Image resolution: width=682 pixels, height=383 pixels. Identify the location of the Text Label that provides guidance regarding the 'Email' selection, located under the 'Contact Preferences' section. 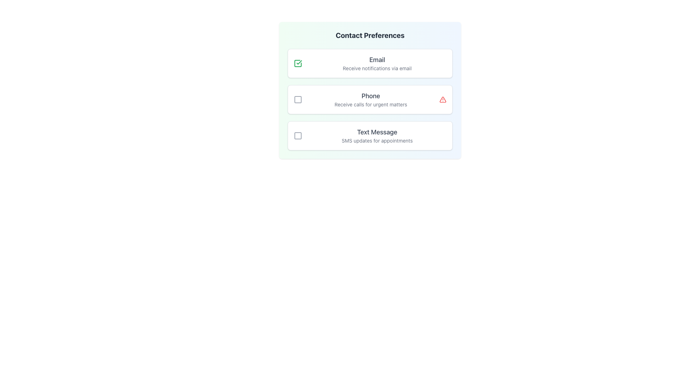
(377, 68).